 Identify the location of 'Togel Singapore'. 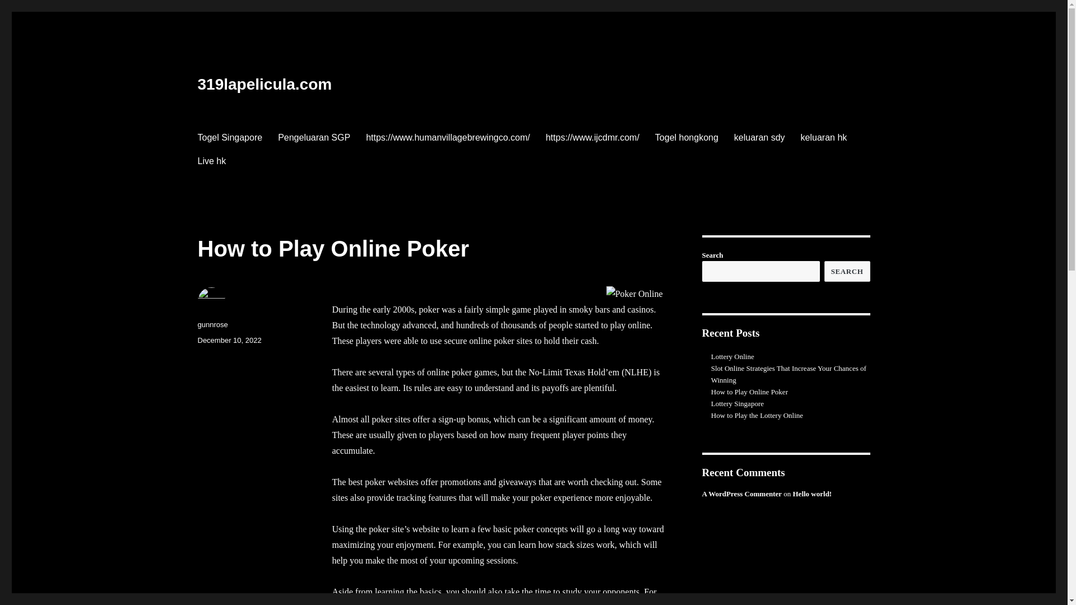
(189, 137).